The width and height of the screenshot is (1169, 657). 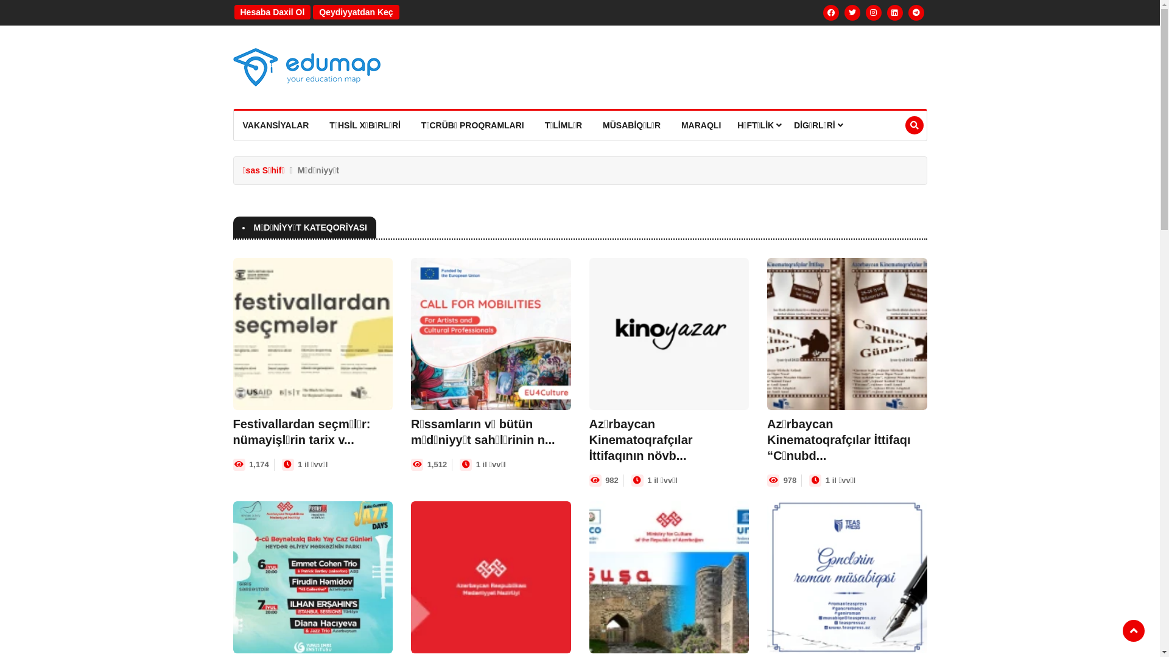 I want to click on 'Hesaba Daxil Ol', so click(x=271, y=12).